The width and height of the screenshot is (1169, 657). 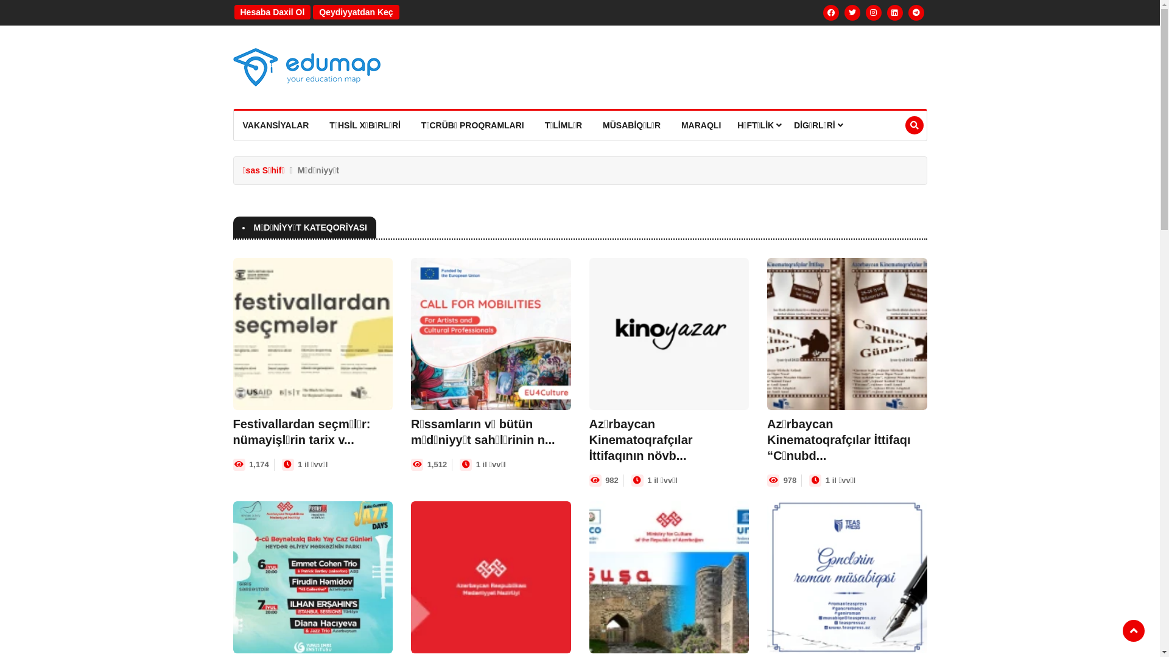 I want to click on 'Hesaba Daxil Ol', so click(x=271, y=12).